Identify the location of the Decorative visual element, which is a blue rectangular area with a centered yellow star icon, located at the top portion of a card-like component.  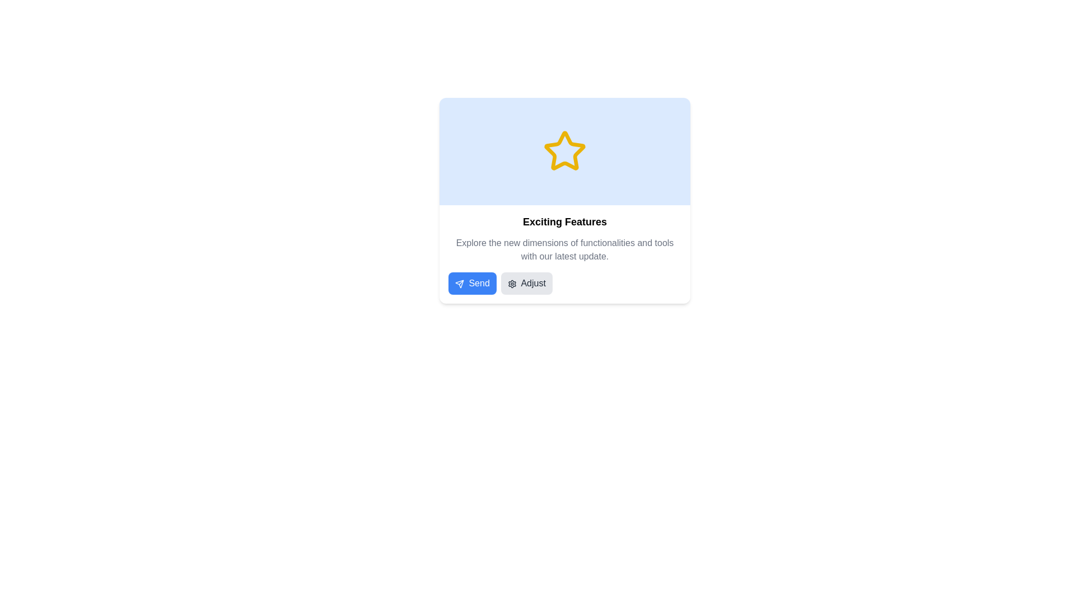
(564, 151).